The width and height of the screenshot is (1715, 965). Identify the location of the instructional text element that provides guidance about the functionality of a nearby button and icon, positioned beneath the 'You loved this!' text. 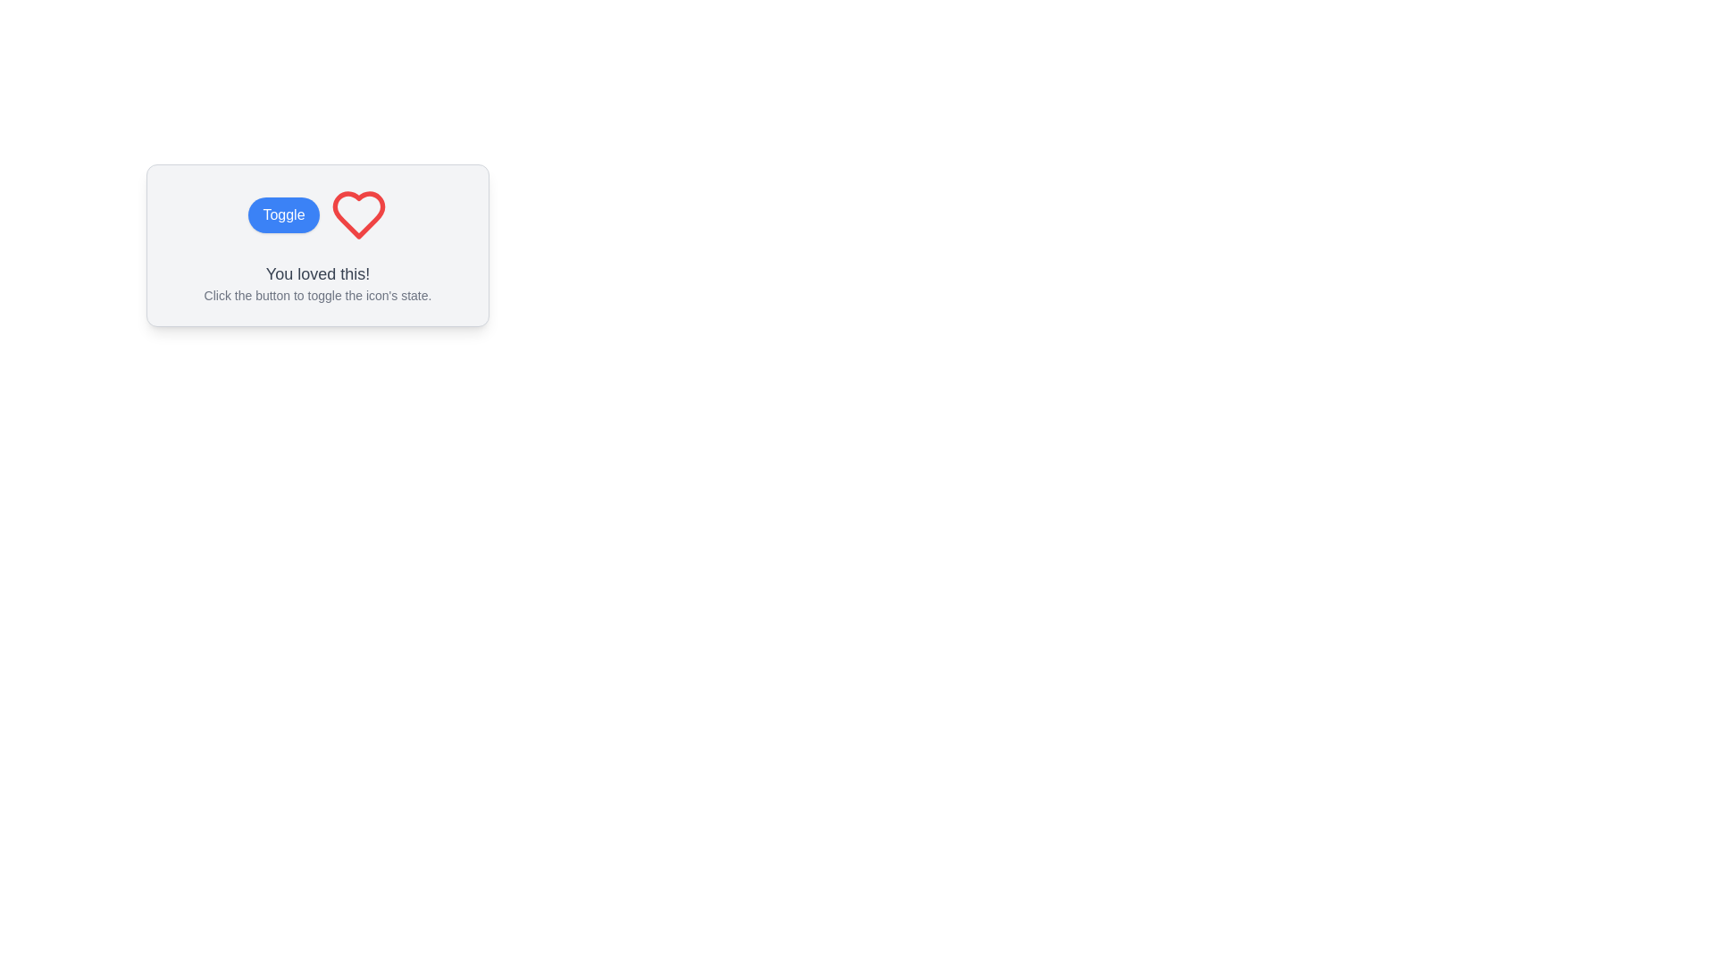
(317, 295).